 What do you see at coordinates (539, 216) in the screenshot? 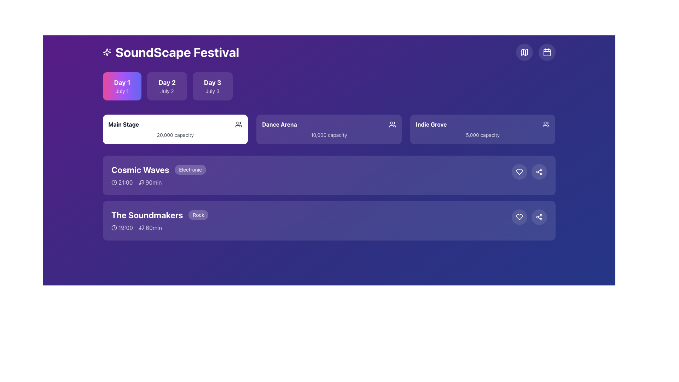
I see `the circular button with a semi-transparent white background and a share icon located in the bottom-right corner of 'The Soundmakers' card` at bounding box center [539, 216].